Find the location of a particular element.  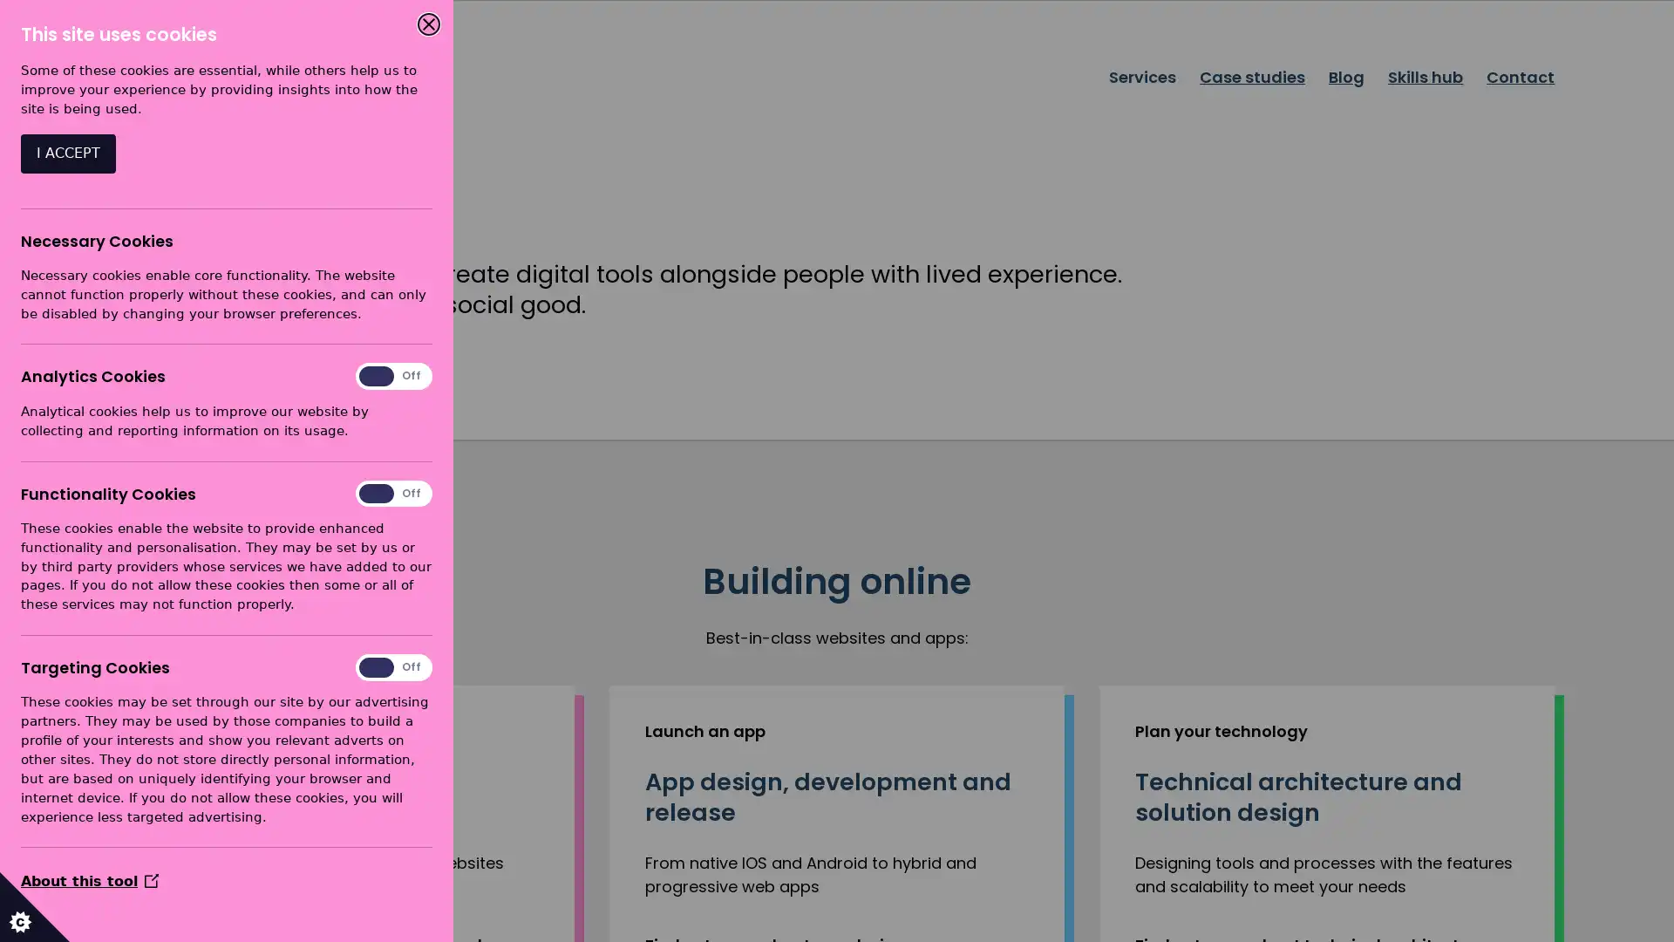

I ACCEPT is located at coordinates (68, 153).